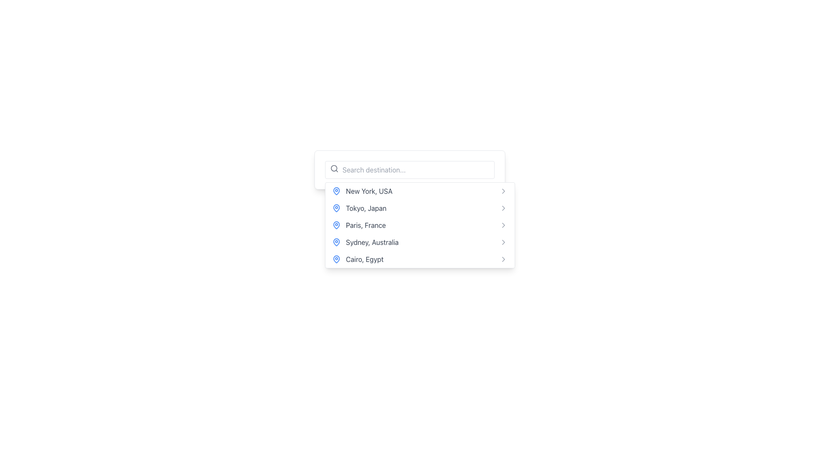 This screenshot has width=818, height=460. What do you see at coordinates (420, 190) in the screenshot?
I see `the row in the dropdown menu displaying 'New York, USA'` at bounding box center [420, 190].